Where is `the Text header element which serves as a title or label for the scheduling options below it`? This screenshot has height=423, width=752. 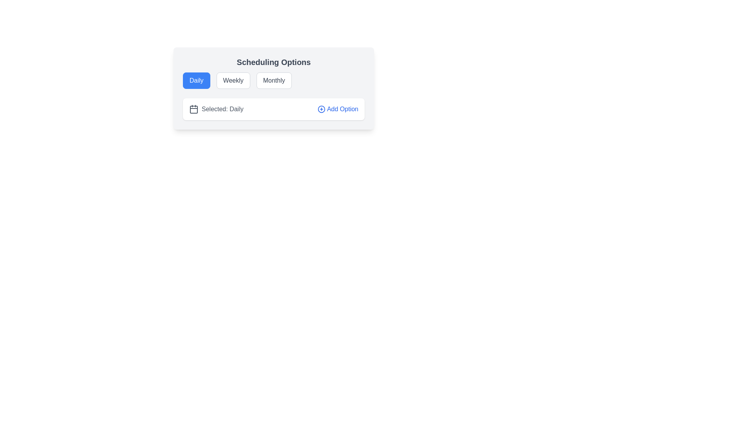 the Text header element which serves as a title or label for the scheduling options below it is located at coordinates (274, 61).